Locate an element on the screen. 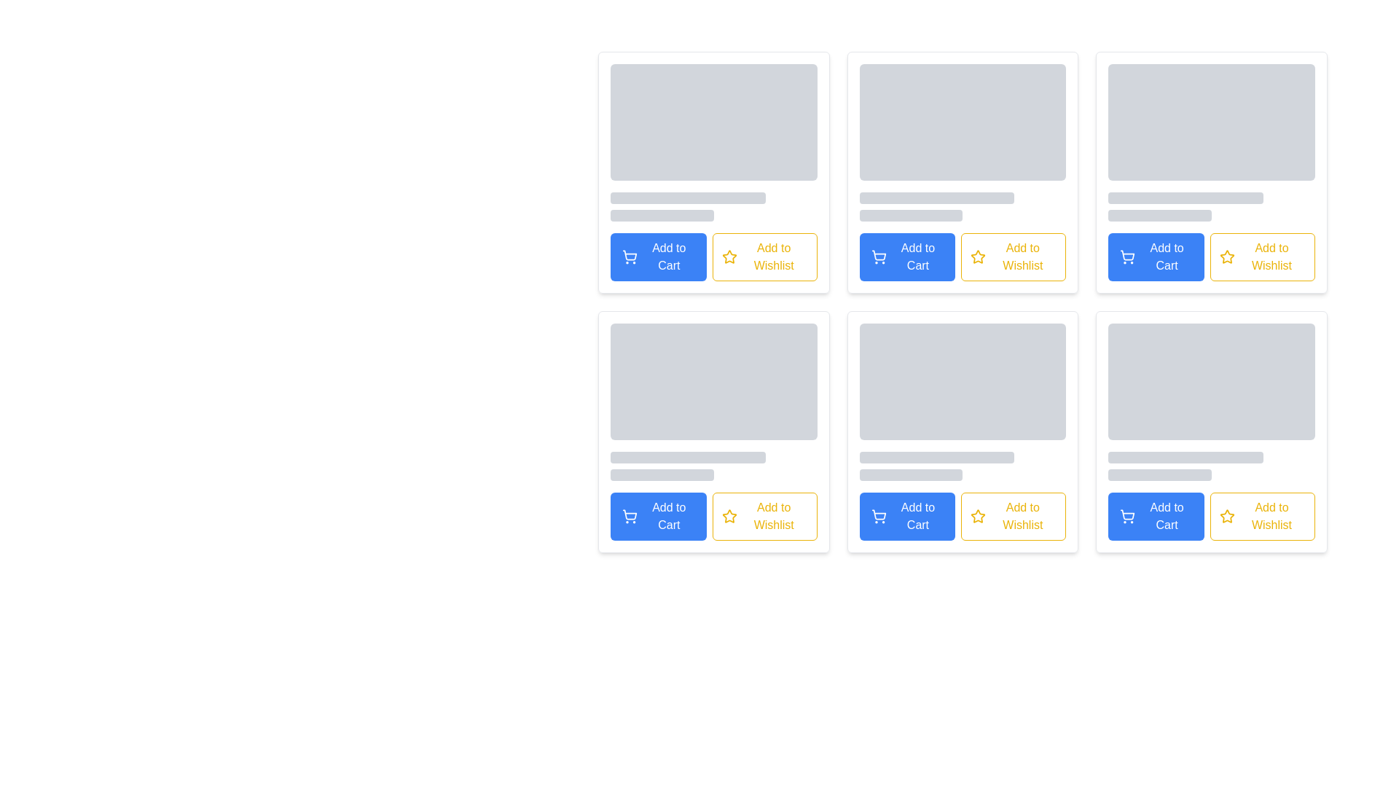 Image resolution: width=1399 pixels, height=787 pixels. the button in the second row and third column of the grid layout is located at coordinates (906, 516).